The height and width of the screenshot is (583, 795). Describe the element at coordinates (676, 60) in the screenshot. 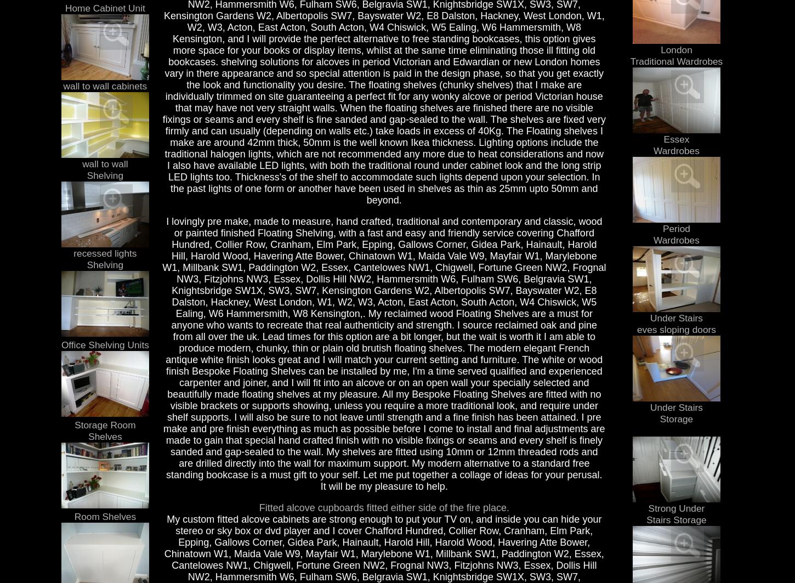

I see `'Traditional Wardrobes'` at that location.